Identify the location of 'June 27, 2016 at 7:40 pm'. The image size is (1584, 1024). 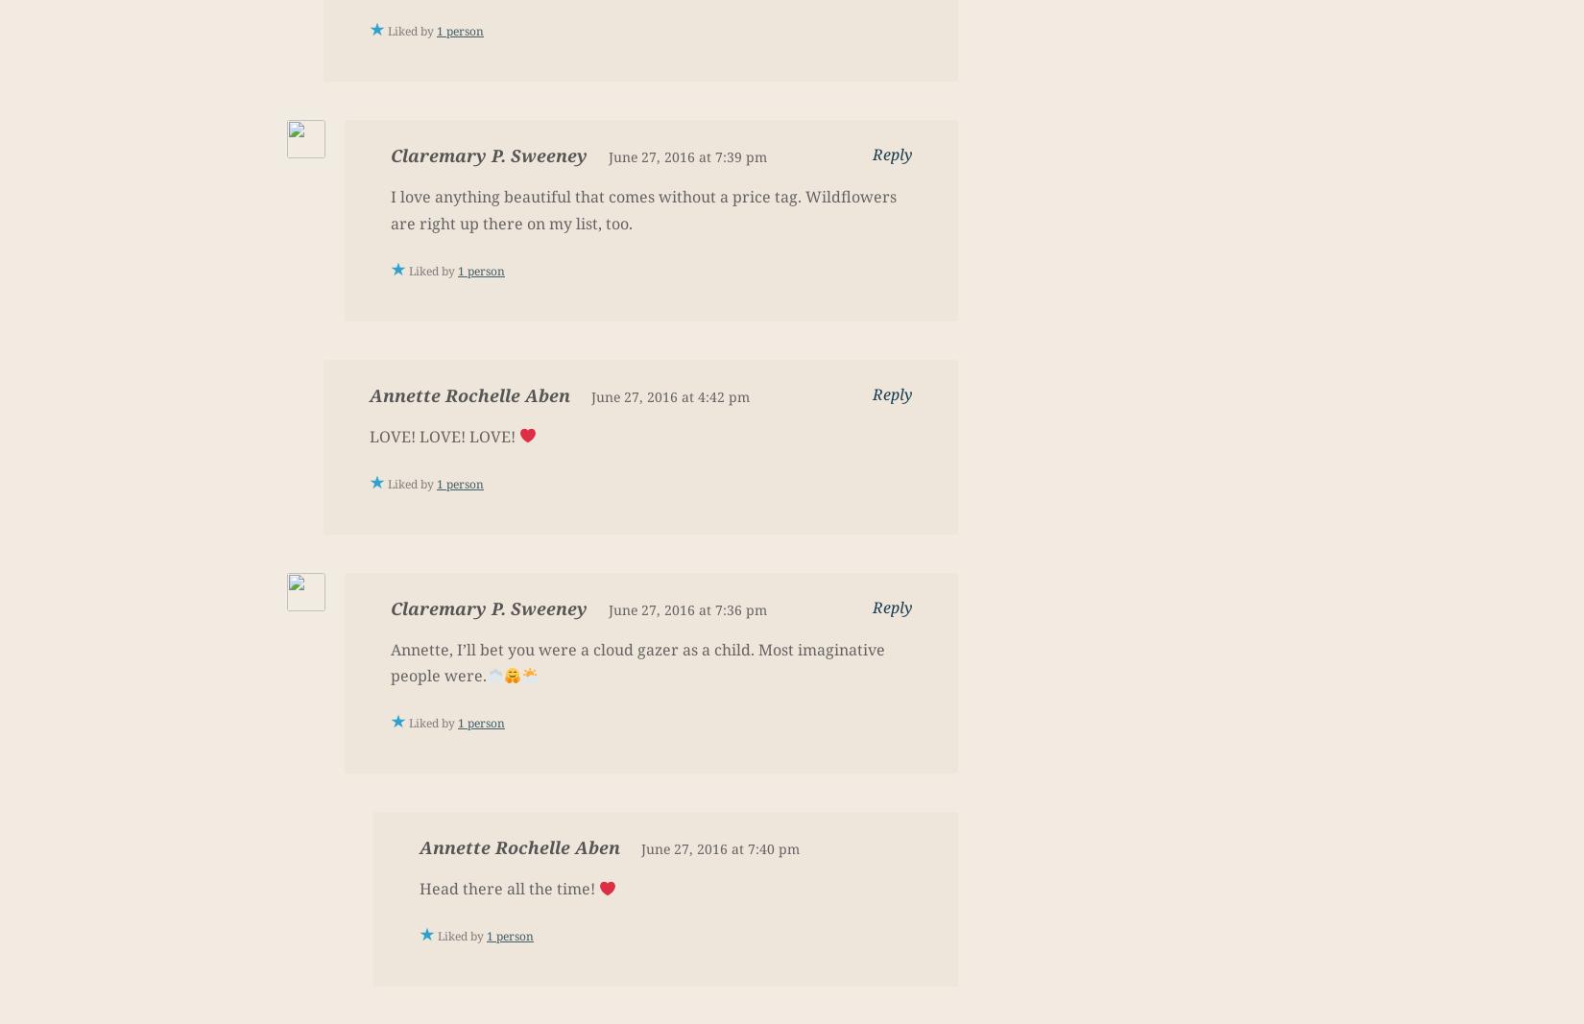
(719, 847).